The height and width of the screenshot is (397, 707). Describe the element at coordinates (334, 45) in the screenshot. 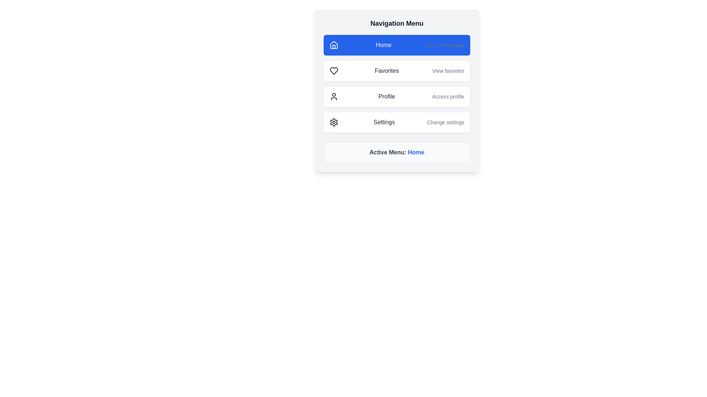

I see `the stylized house icon located within the 'Home' menu item in the navigation menu, which is highlighted in blue` at that location.